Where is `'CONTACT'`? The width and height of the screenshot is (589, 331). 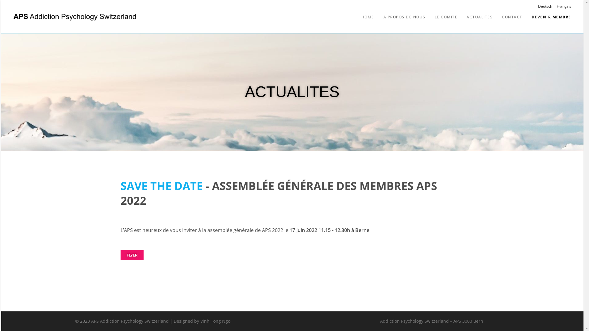 'CONTACT' is located at coordinates (512, 17).